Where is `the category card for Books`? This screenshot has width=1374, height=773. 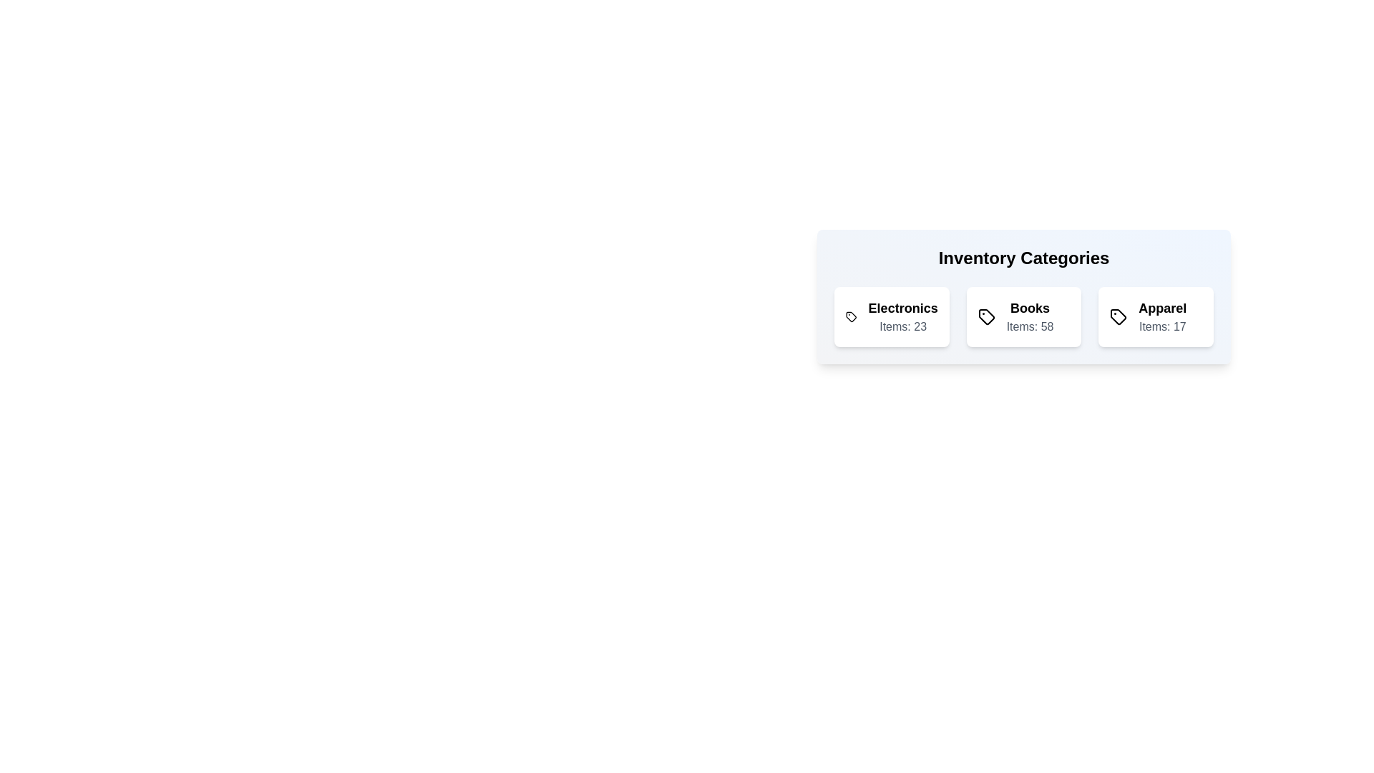 the category card for Books is located at coordinates (1023, 316).